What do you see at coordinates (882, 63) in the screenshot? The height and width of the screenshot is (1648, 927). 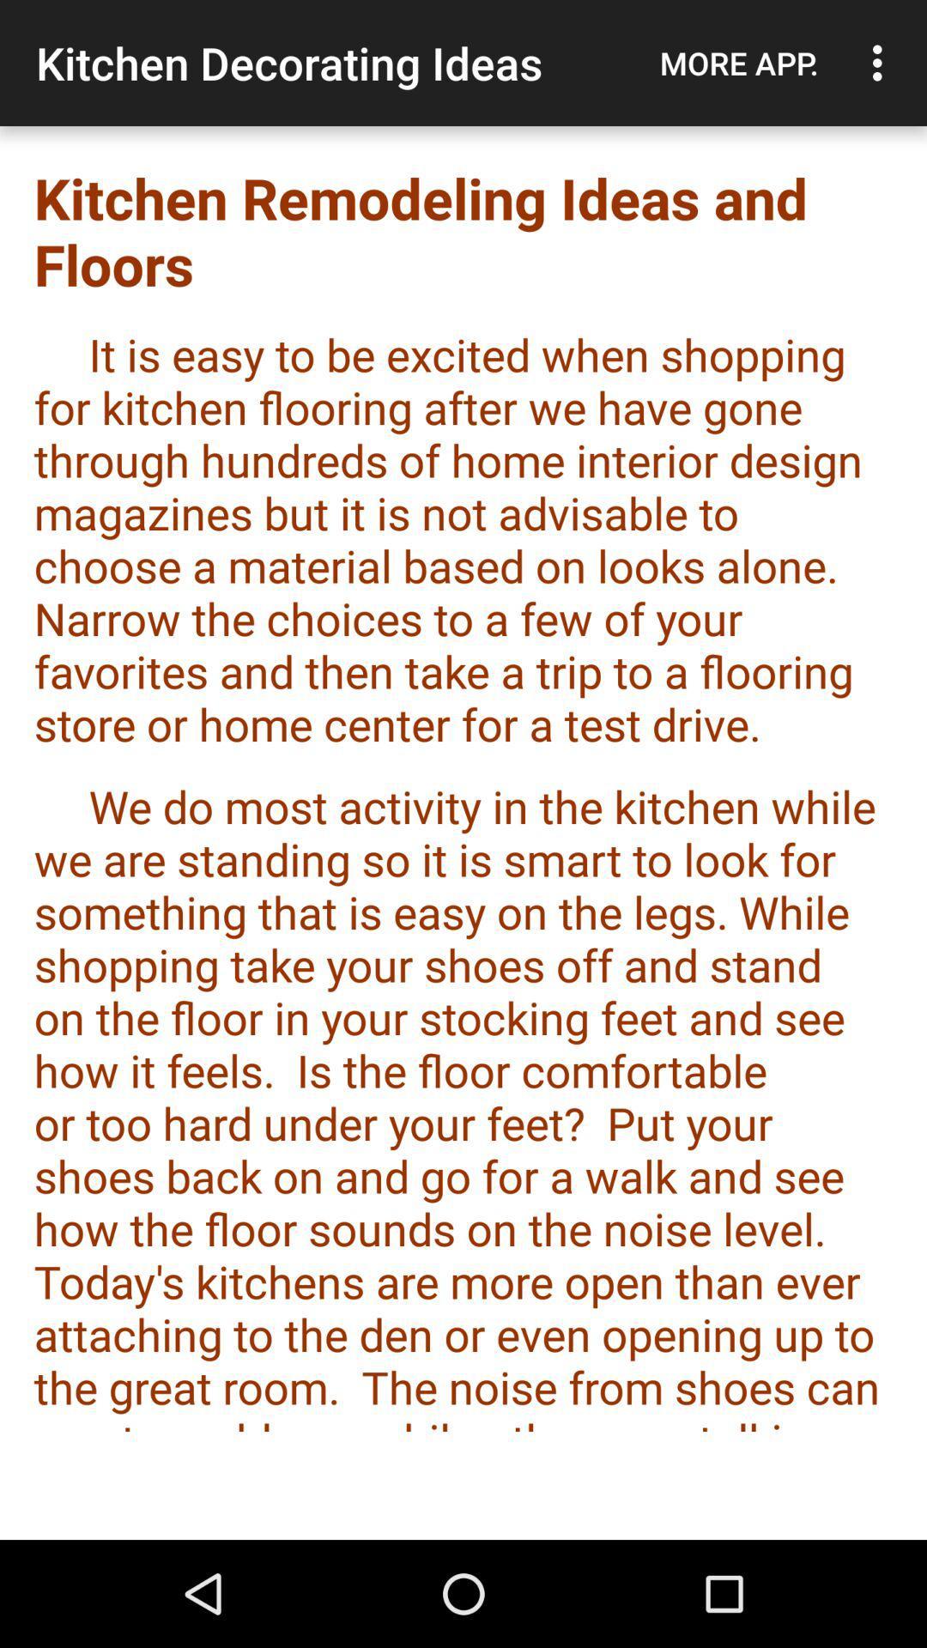 I see `the item to the right of more app. item` at bounding box center [882, 63].